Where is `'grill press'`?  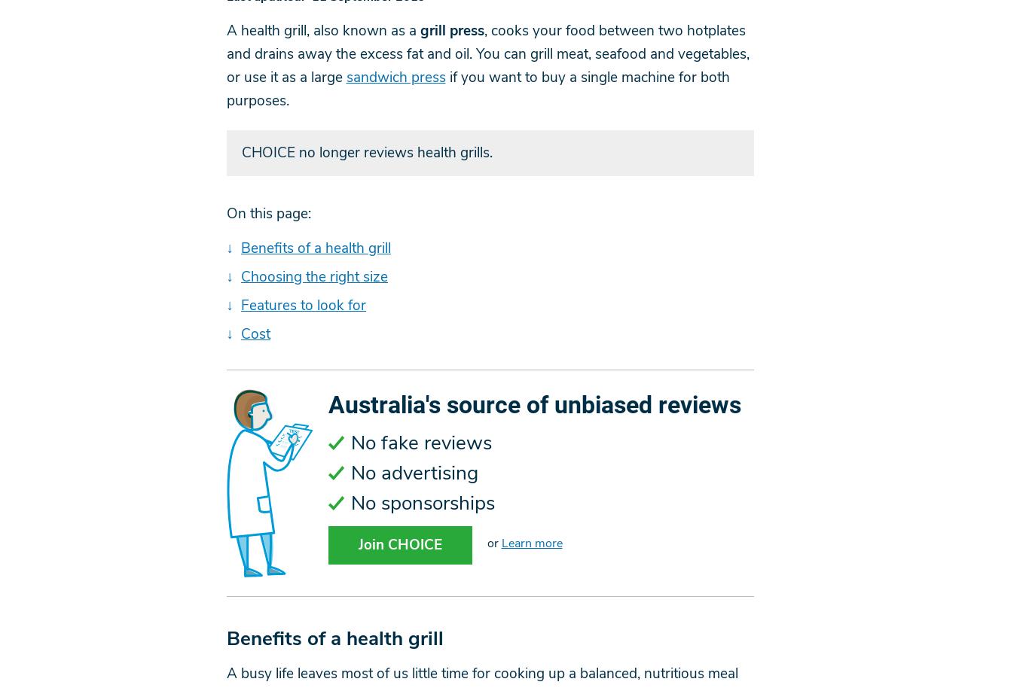 'grill press' is located at coordinates (450, 30).